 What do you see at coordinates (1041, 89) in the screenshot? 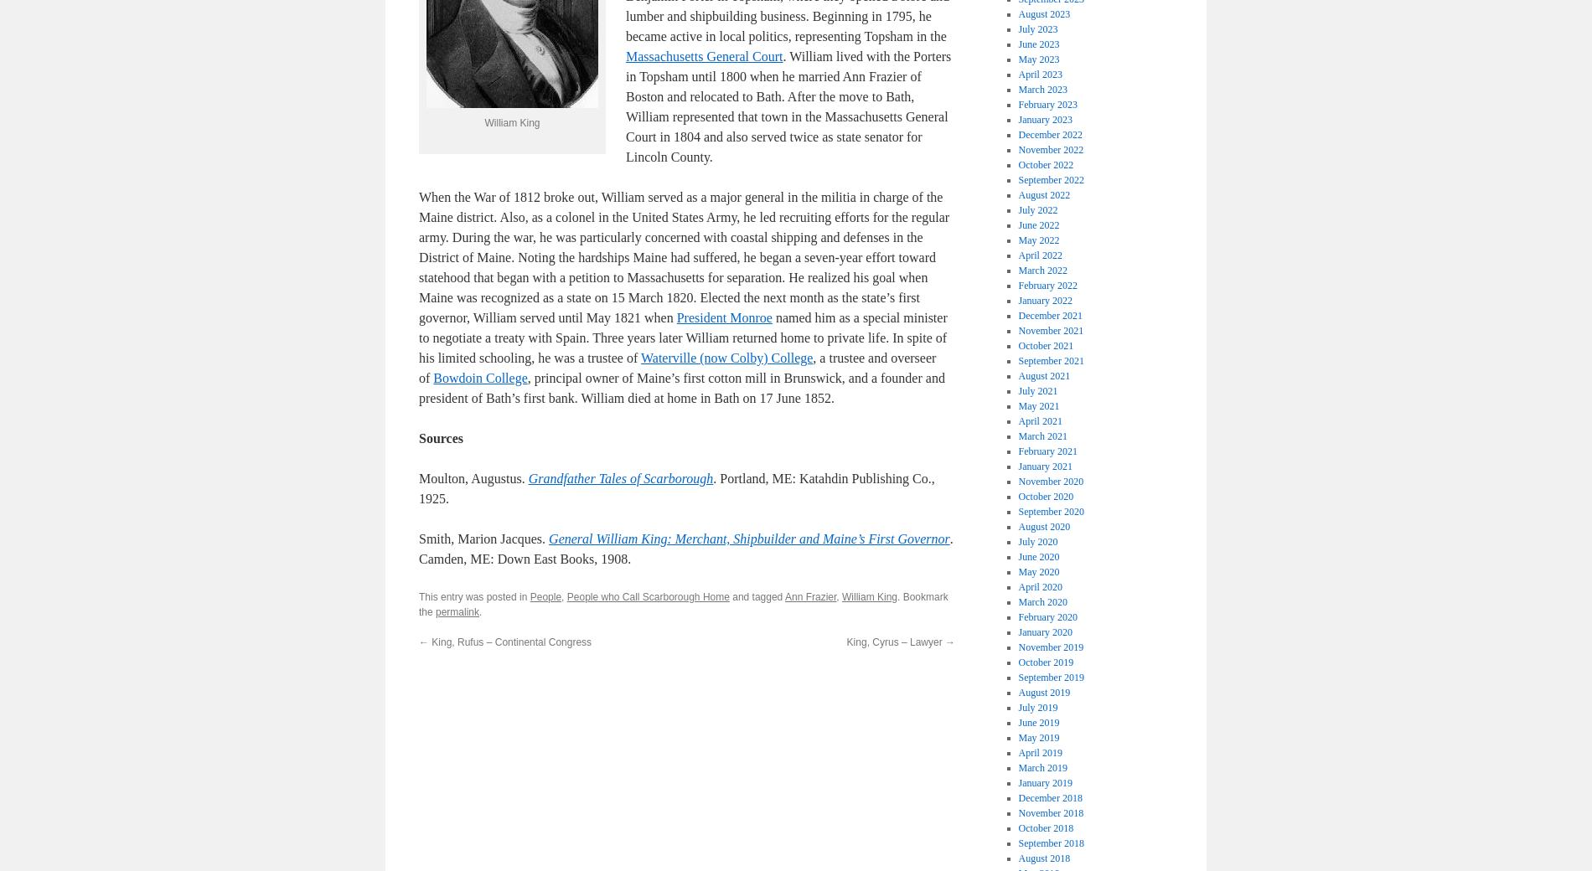
I see `'March 2023'` at bounding box center [1041, 89].